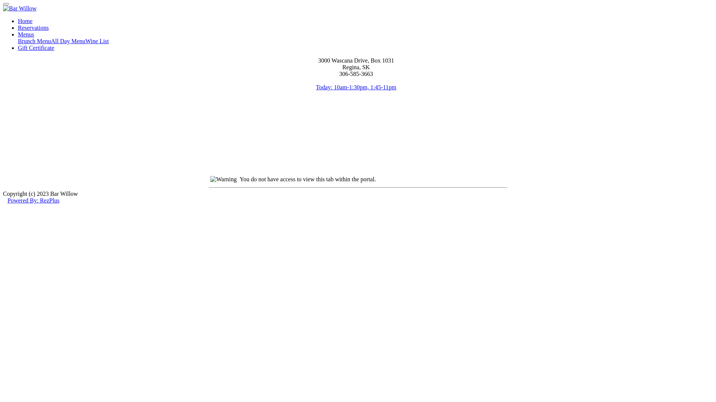  I want to click on 'Today: 10am-1:30pm, 1:45-11pm', so click(356, 87).